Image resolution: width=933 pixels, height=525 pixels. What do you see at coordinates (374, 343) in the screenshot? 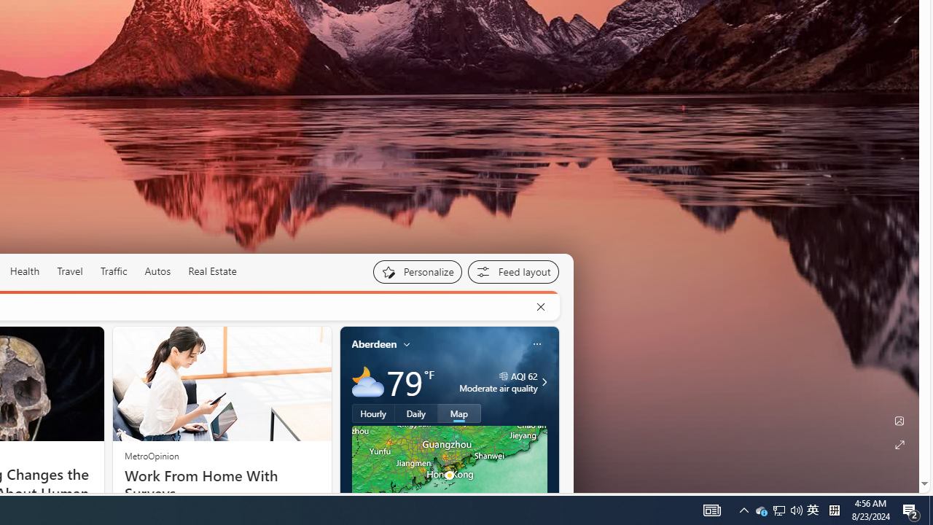
I see `'Aberdeen'` at bounding box center [374, 343].